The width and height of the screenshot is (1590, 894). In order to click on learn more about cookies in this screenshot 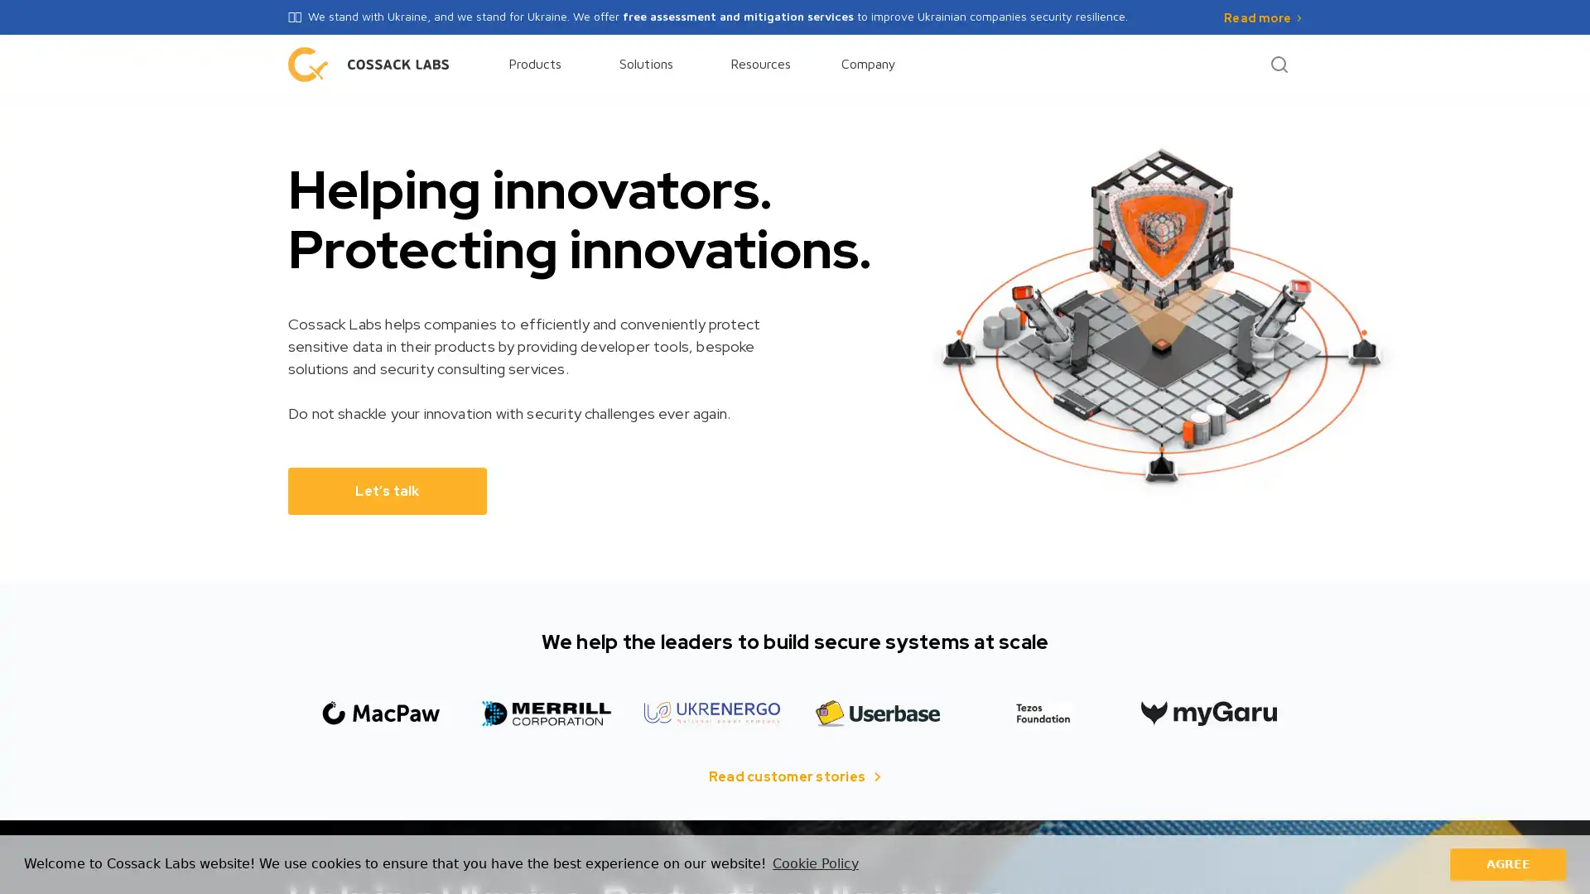, I will do `click(815, 863)`.